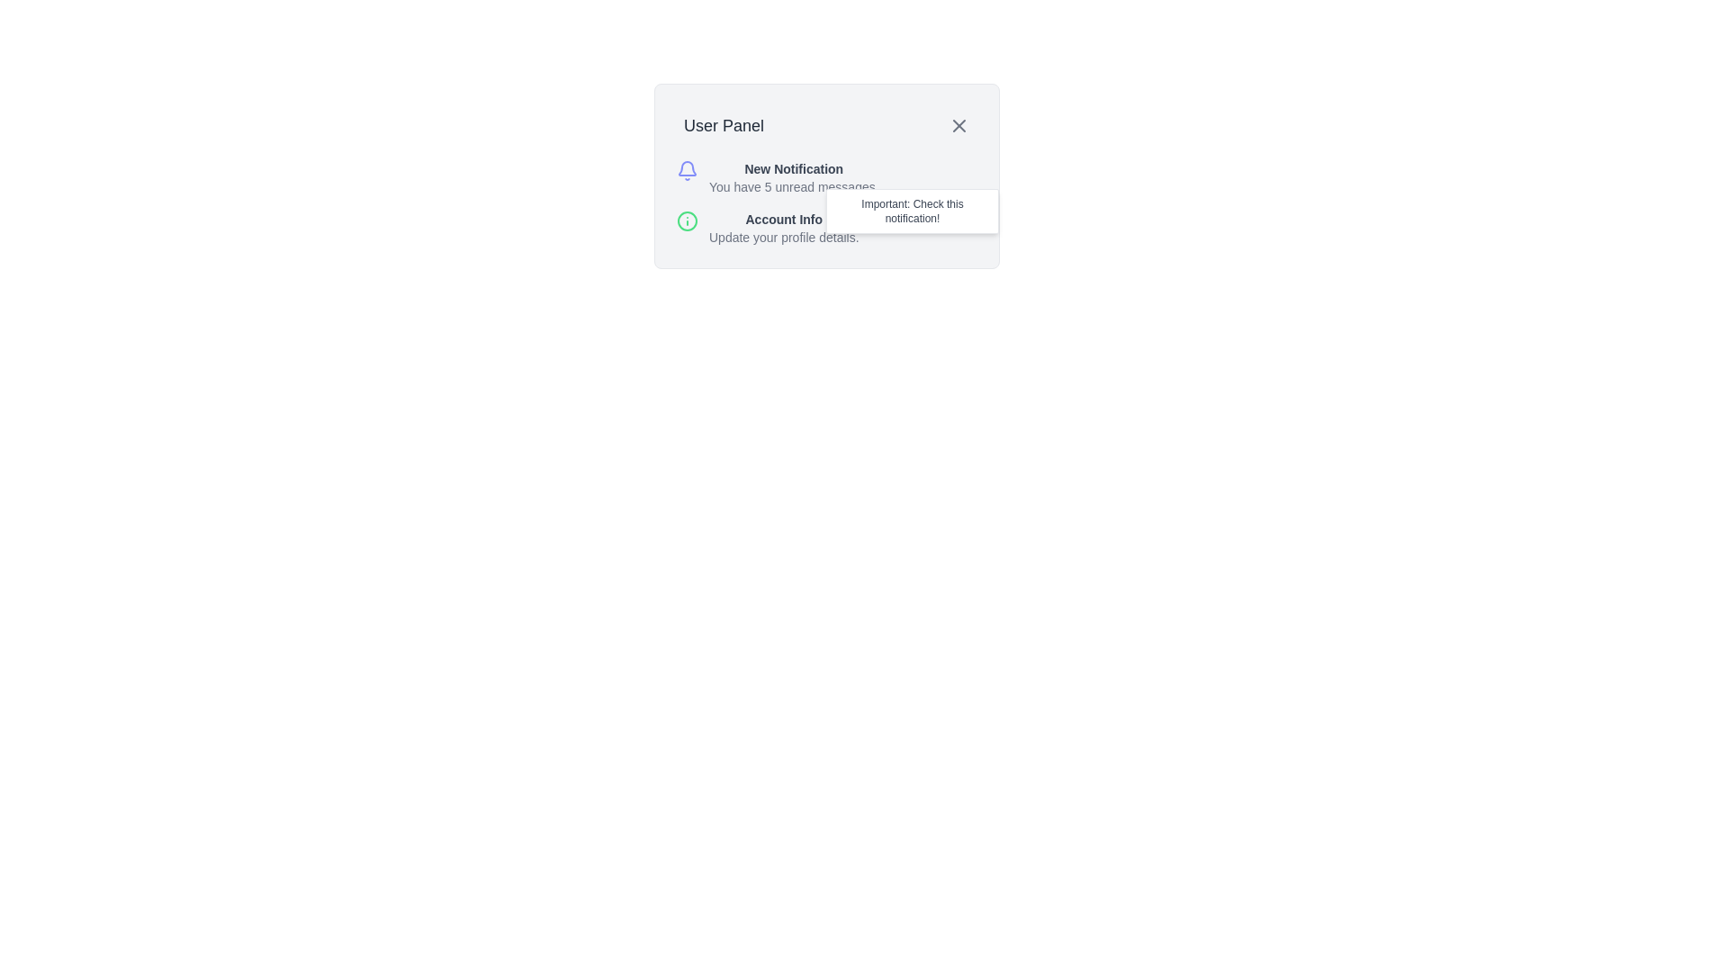 The height and width of the screenshot is (972, 1728). I want to click on the text label that indicates the user has 5 unread messages, located in the notification panel below 'New Notification', so click(793, 187).